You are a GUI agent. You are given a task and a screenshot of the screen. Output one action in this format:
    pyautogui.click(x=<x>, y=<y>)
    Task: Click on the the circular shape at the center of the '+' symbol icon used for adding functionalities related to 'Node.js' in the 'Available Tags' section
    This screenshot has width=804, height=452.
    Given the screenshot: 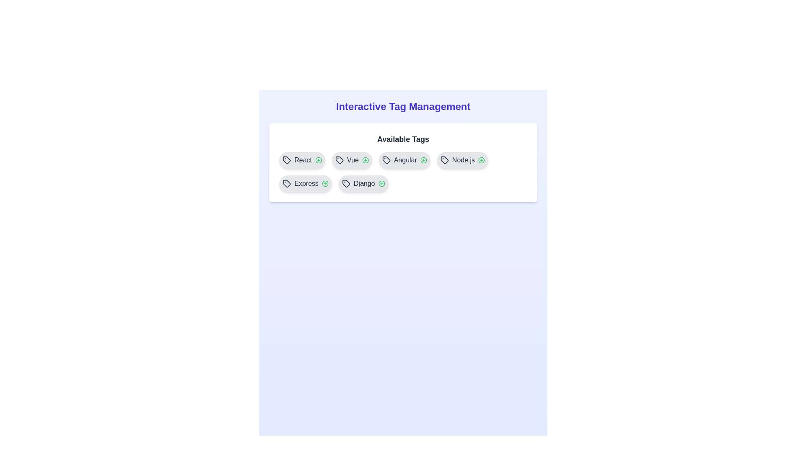 What is the action you would take?
    pyautogui.click(x=482, y=160)
    